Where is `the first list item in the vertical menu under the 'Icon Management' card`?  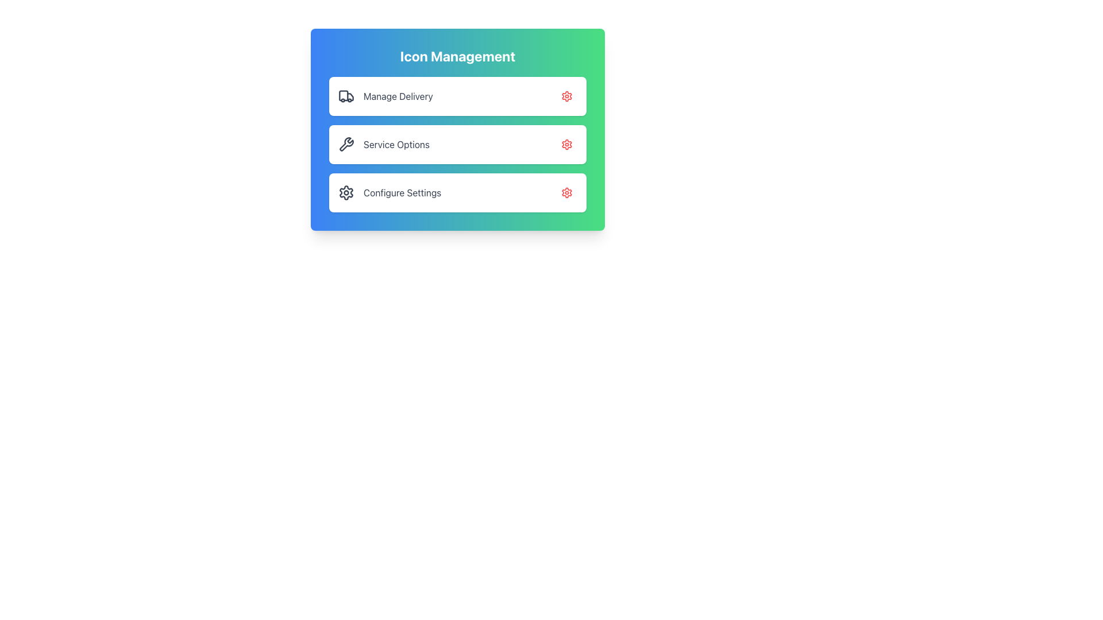
the first list item in the vertical menu under the 'Icon Management' card is located at coordinates (385, 96).